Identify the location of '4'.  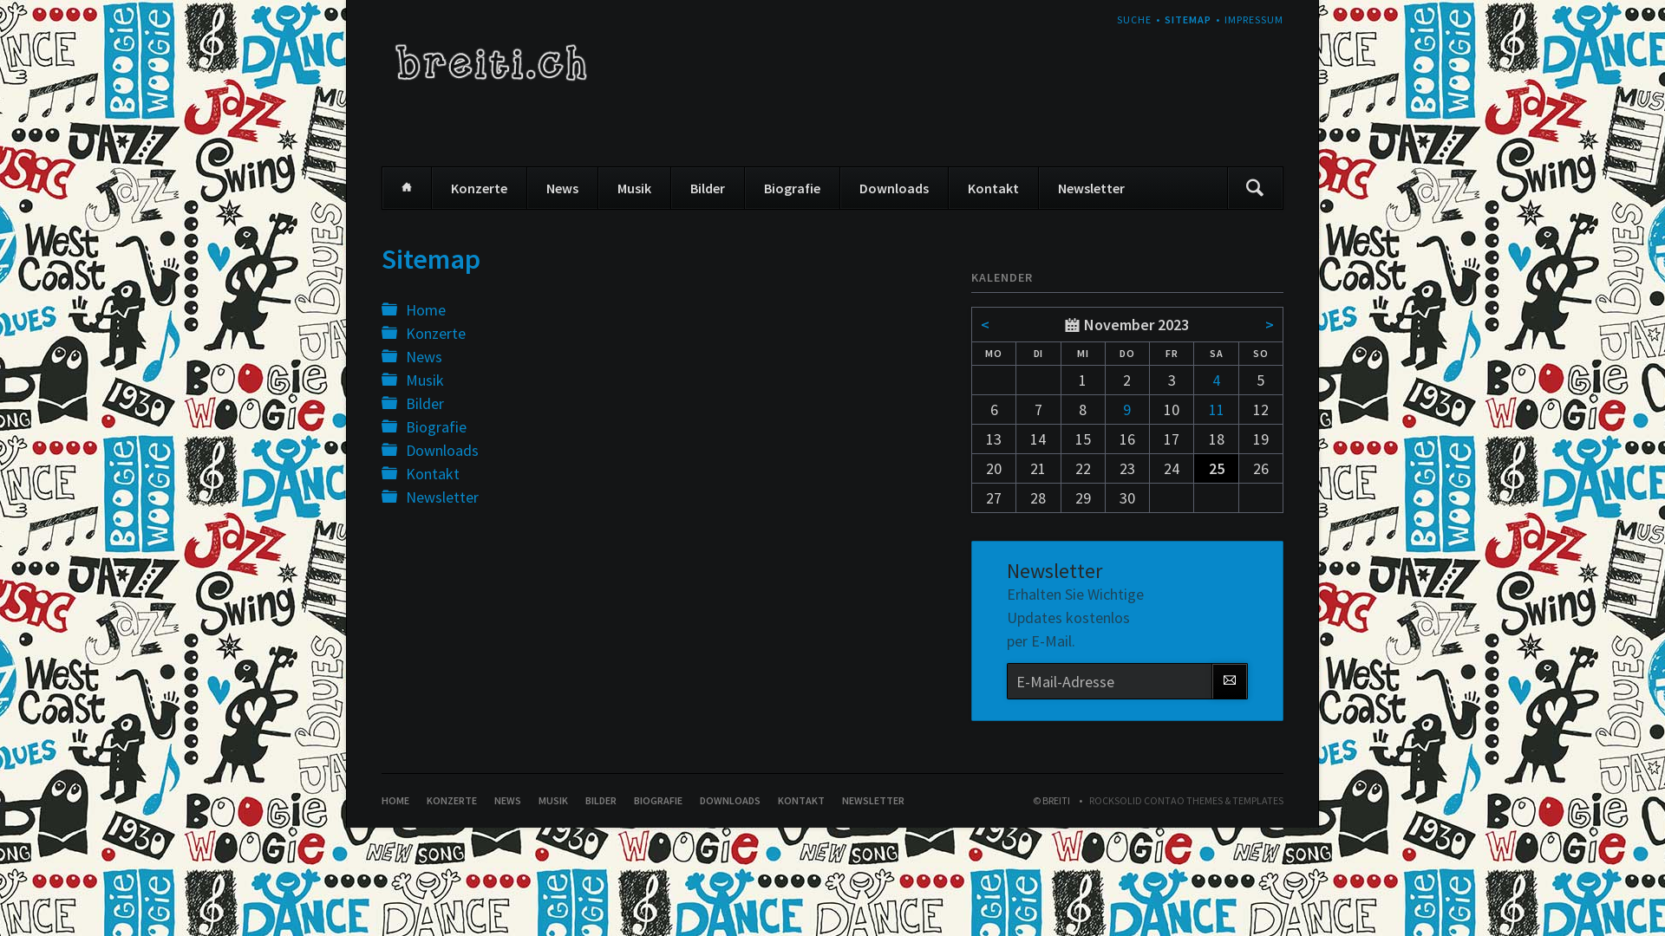
(1215, 379).